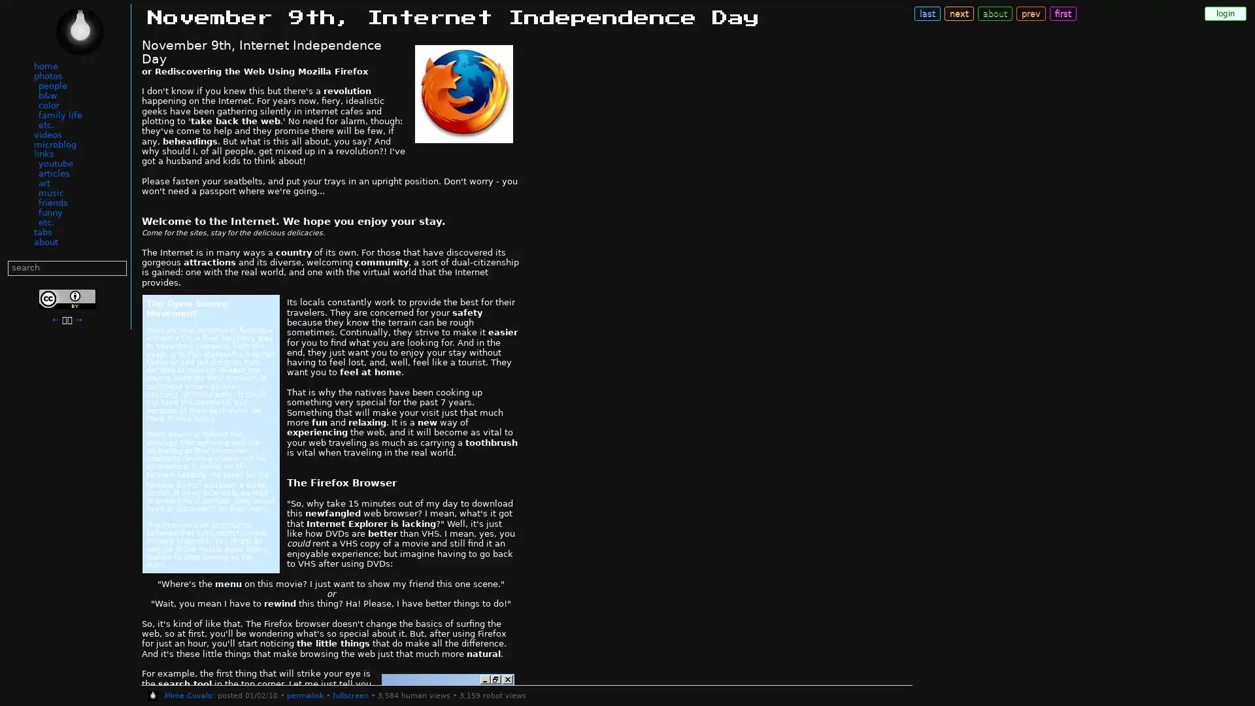 Image resolution: width=1255 pixels, height=706 pixels. I want to click on fullscreen, so click(350, 695).